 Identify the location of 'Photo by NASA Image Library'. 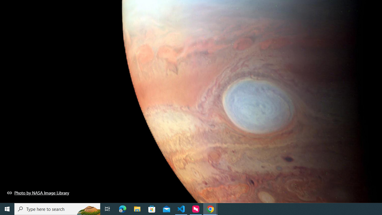
(38, 193).